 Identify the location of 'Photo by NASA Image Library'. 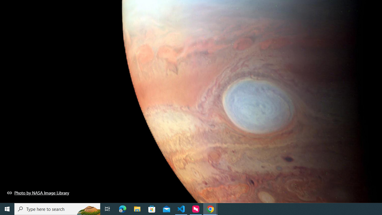
(38, 193).